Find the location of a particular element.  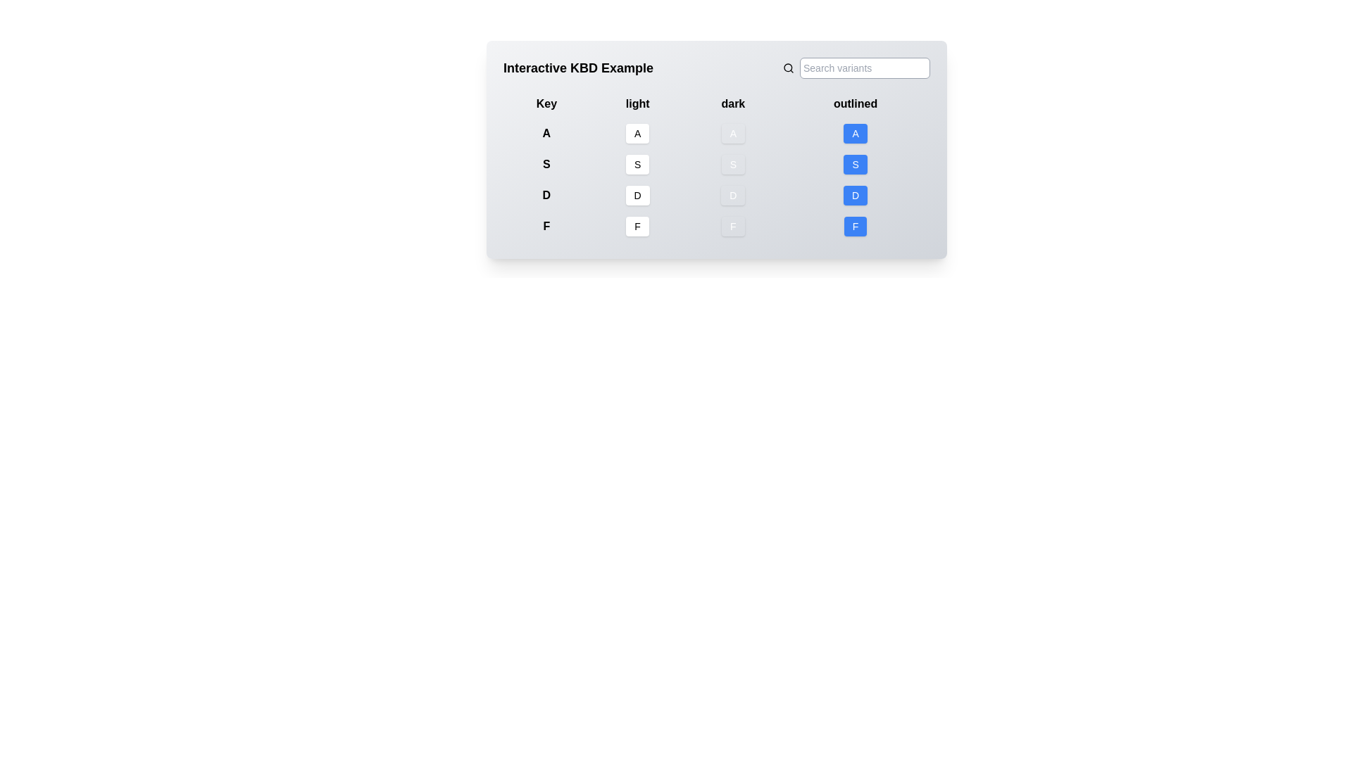

the static label displaying the letter 'D', which is a white-bordered rectangular UI component in the third row of the 'light' column, positioned between 'S' and 'F' is located at coordinates (637, 195).